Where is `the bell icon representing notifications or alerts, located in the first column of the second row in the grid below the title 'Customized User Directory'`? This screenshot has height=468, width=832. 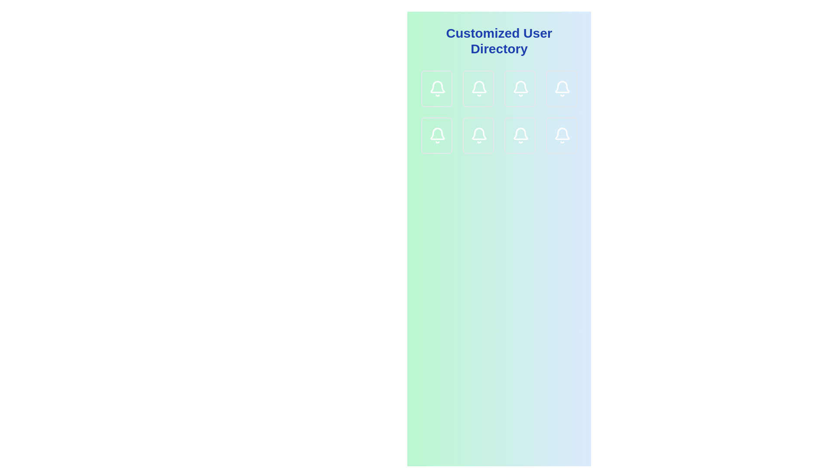
the bell icon representing notifications or alerts, located in the first column of the second row in the grid below the title 'Customized User Directory' is located at coordinates (437, 135).